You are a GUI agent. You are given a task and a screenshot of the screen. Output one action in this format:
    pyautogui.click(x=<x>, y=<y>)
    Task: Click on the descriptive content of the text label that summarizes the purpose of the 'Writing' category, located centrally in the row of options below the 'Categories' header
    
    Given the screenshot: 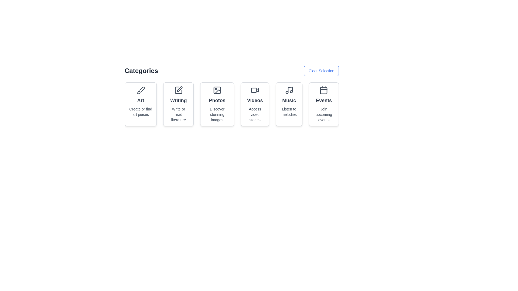 What is the action you would take?
    pyautogui.click(x=178, y=114)
    